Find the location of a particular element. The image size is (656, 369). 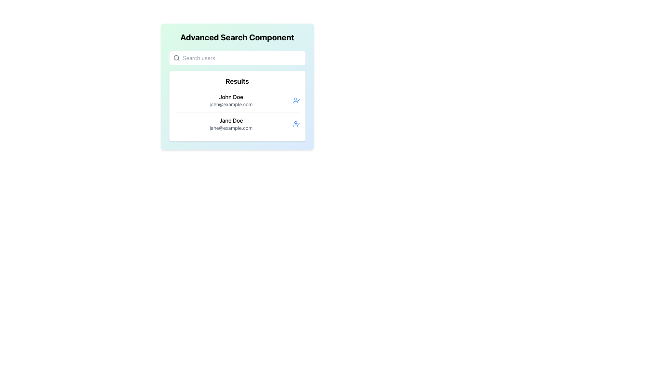

the center of the first entry in the results list, which displays the name and email address of a user entry, located below the heading 'Results' is located at coordinates (231, 100).